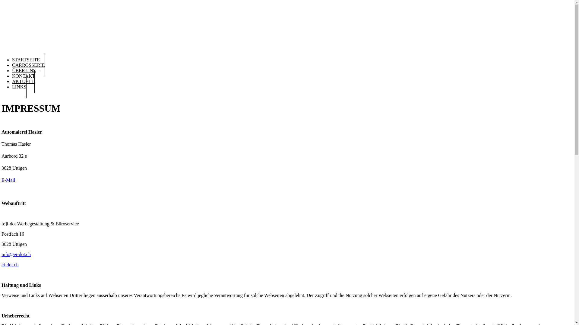 Image resolution: width=579 pixels, height=325 pixels. I want to click on 'KONTAKT', so click(24, 76).